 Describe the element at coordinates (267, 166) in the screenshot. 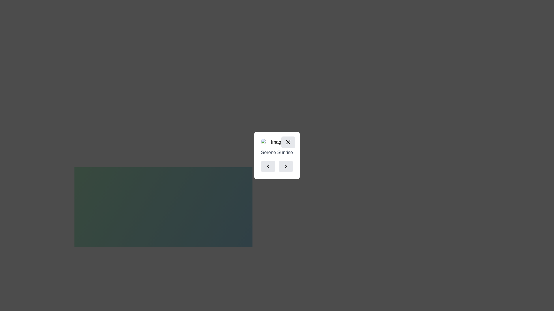

I see `the leftward-pointing chevron icon` at that location.